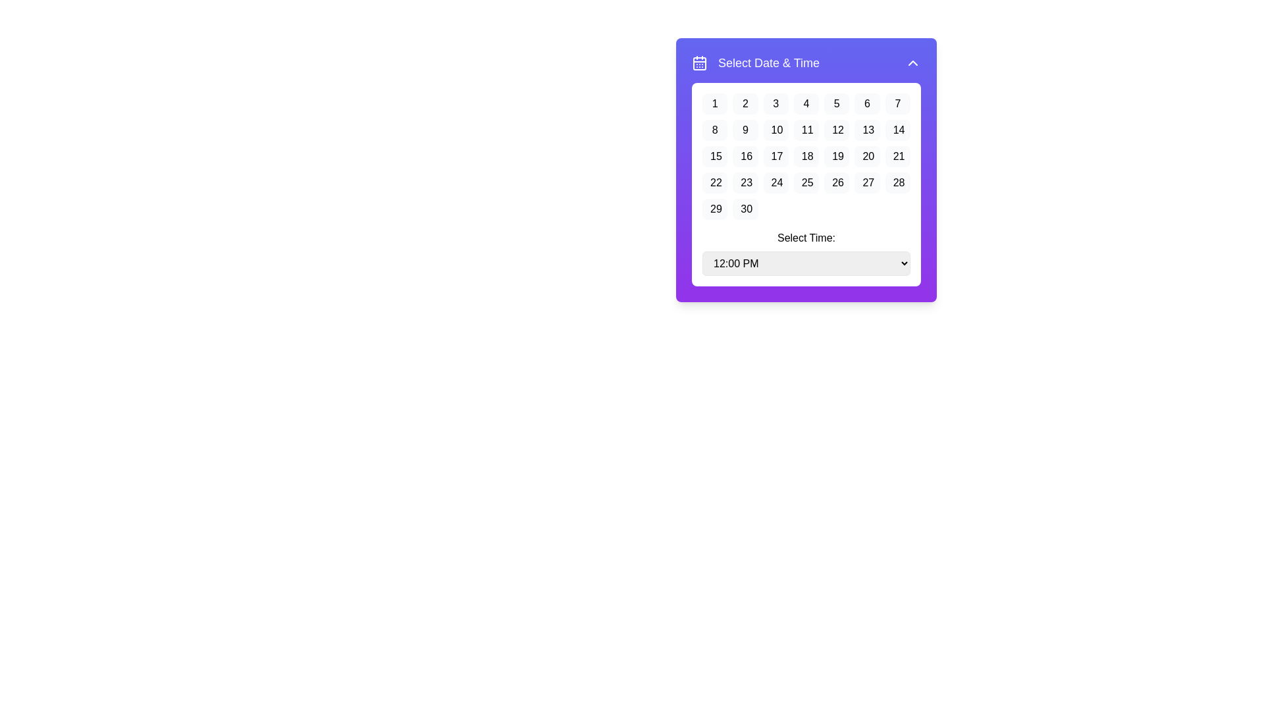  Describe the element at coordinates (776, 182) in the screenshot. I see `the rounded rectangular button with the number '24'` at that location.